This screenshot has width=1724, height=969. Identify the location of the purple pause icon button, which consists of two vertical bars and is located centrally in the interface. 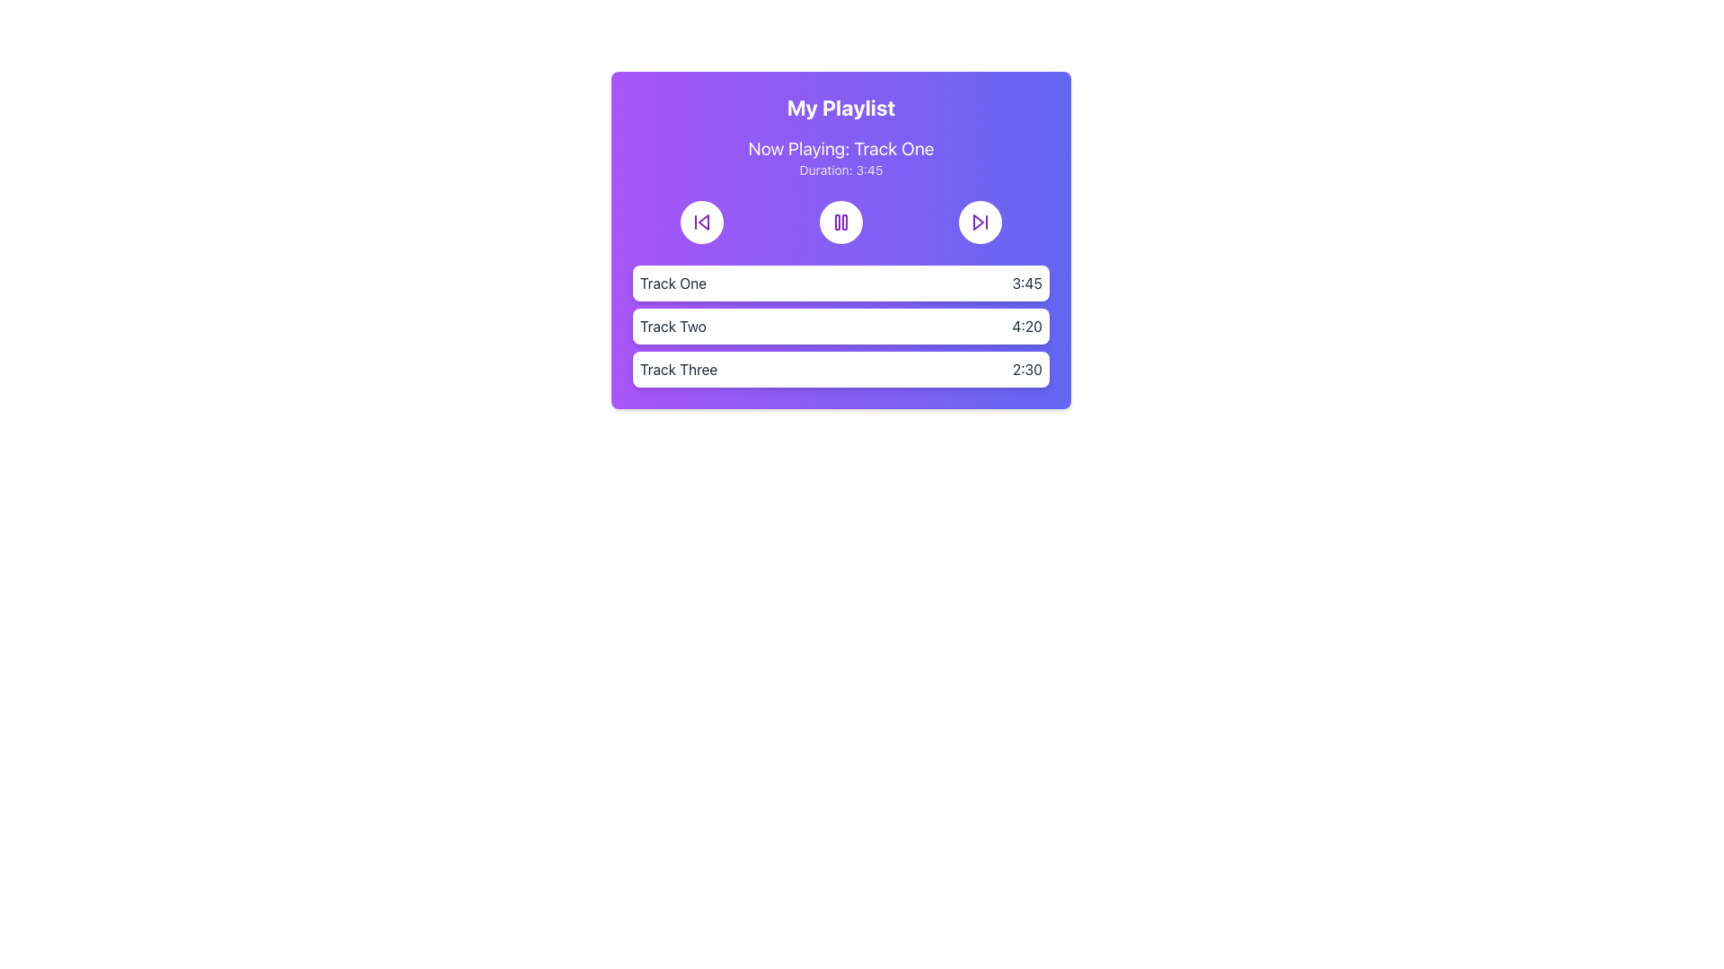
(840, 221).